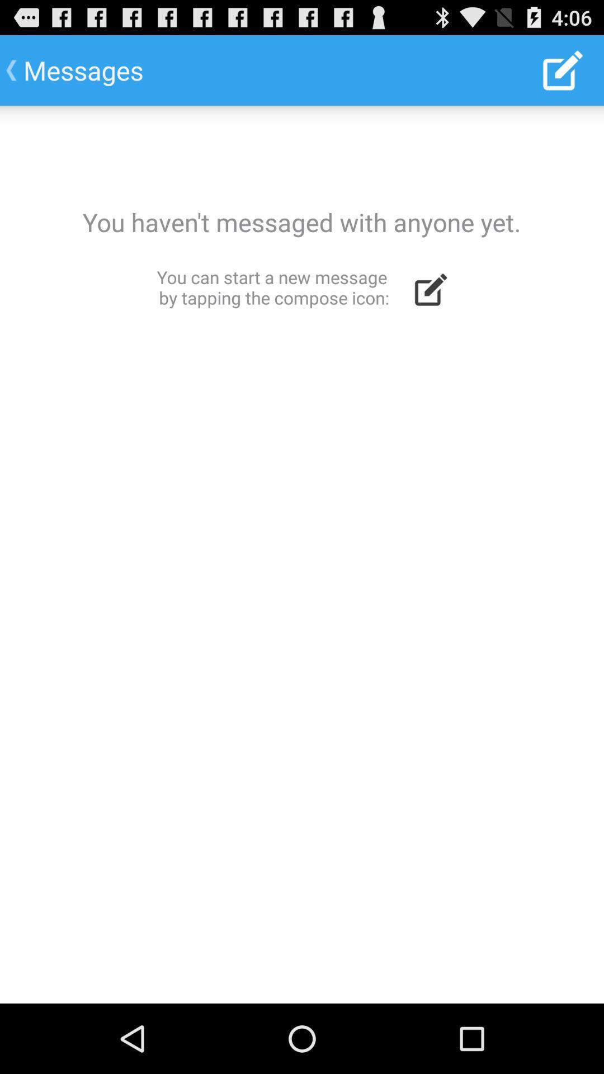 The width and height of the screenshot is (604, 1074). What do you see at coordinates (302, 554) in the screenshot?
I see `message window` at bounding box center [302, 554].